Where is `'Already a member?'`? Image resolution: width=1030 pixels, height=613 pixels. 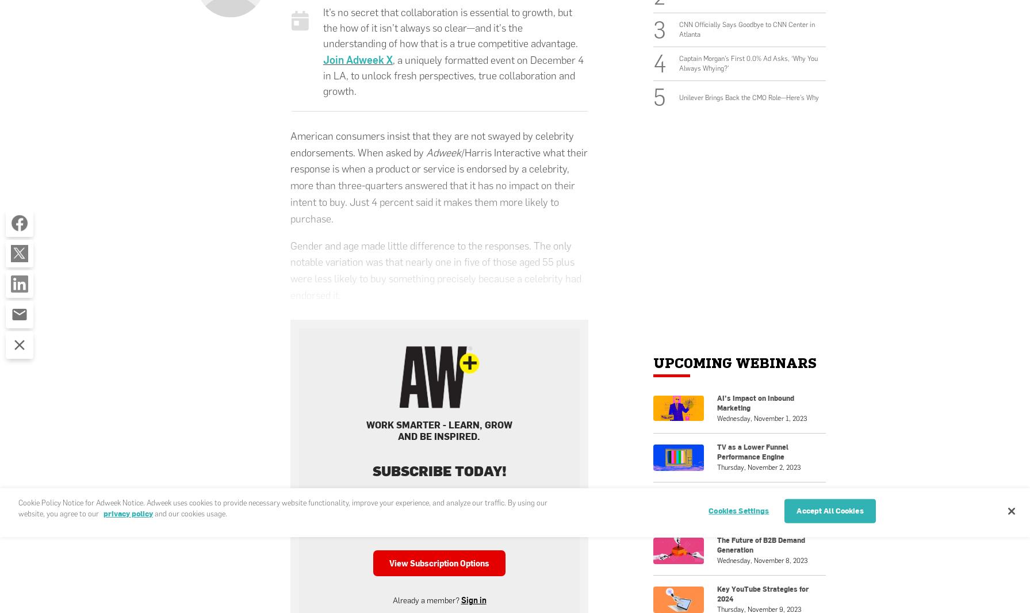 'Already a member?' is located at coordinates (392, 600).